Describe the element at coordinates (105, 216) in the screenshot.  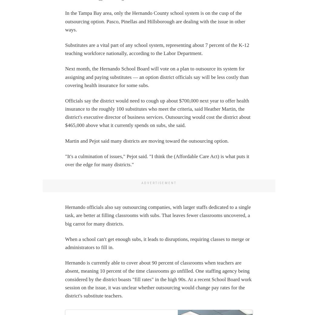
I see `'Careers'` at that location.